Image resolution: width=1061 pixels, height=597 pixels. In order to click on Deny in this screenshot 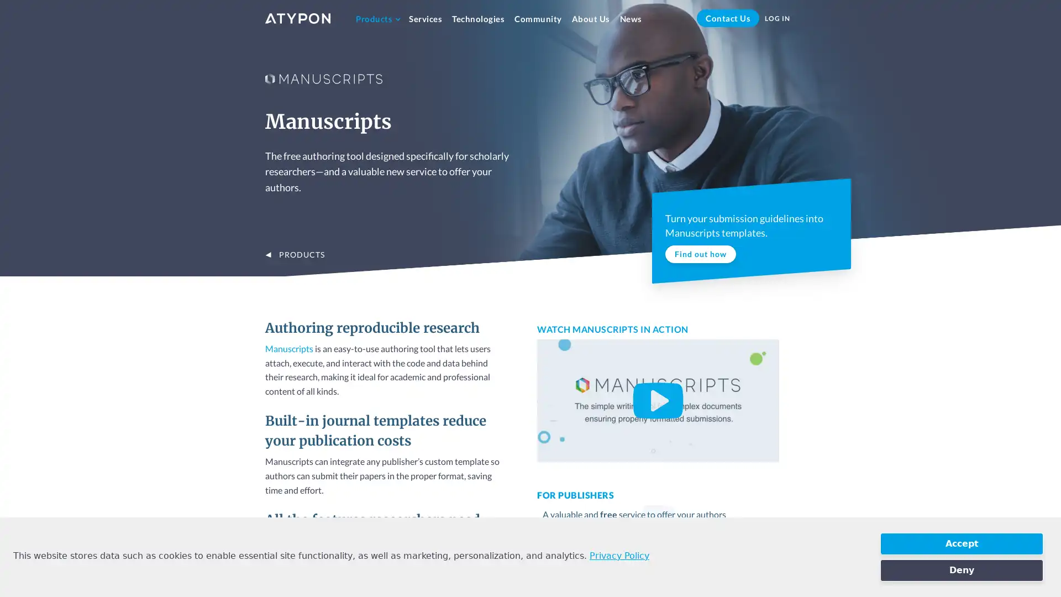, I will do `click(961, 570)`.